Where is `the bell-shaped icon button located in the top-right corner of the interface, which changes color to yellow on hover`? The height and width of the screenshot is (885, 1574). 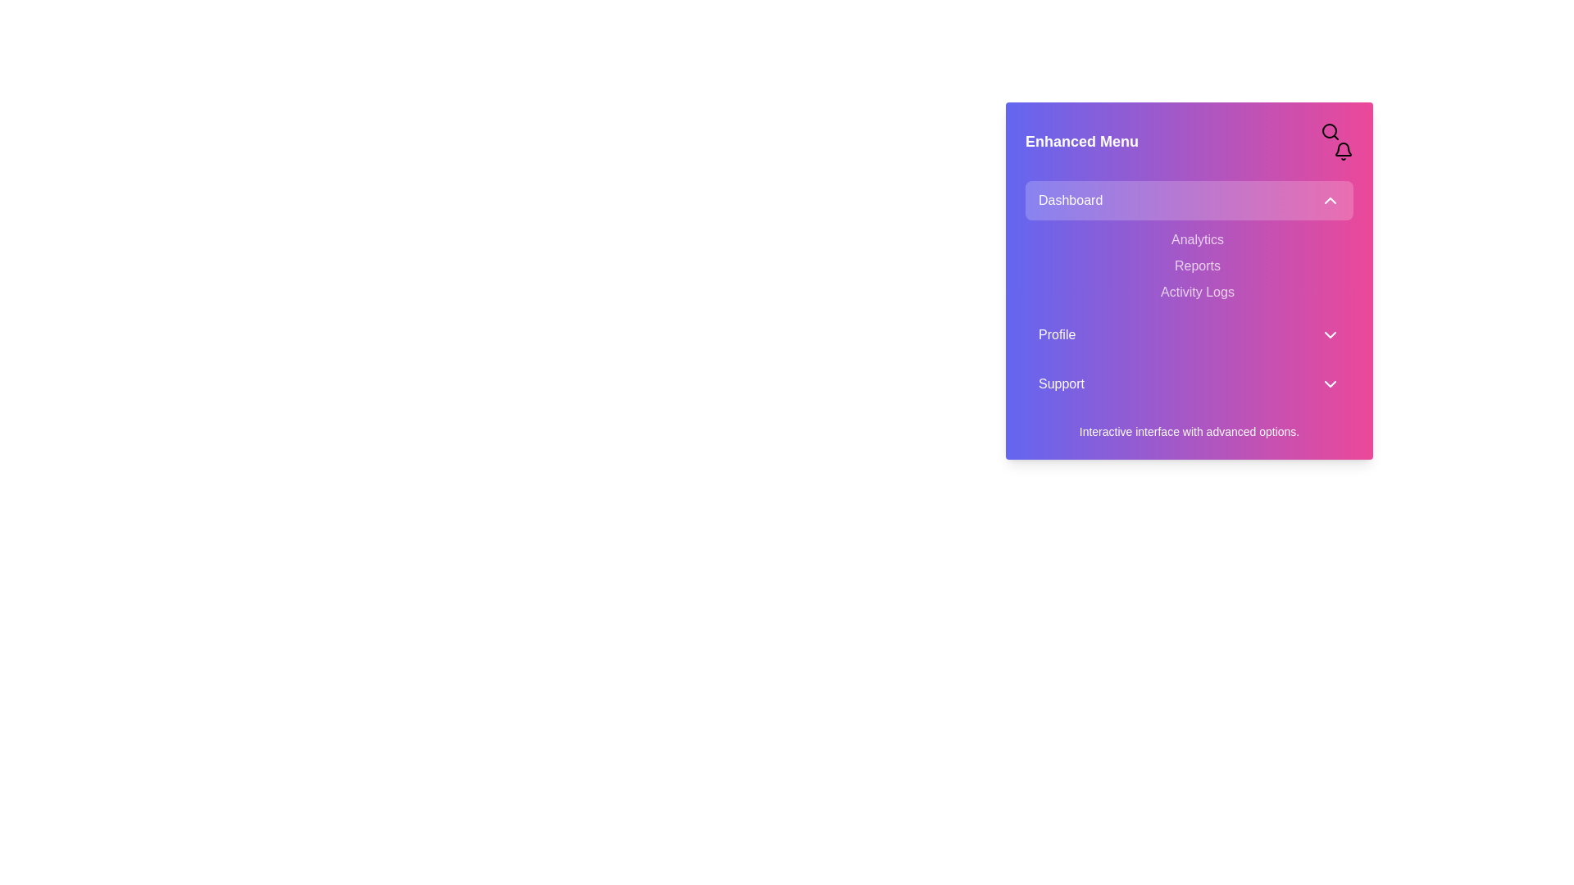 the bell-shaped icon button located in the top-right corner of the interface, which changes color to yellow on hover is located at coordinates (1343, 152).